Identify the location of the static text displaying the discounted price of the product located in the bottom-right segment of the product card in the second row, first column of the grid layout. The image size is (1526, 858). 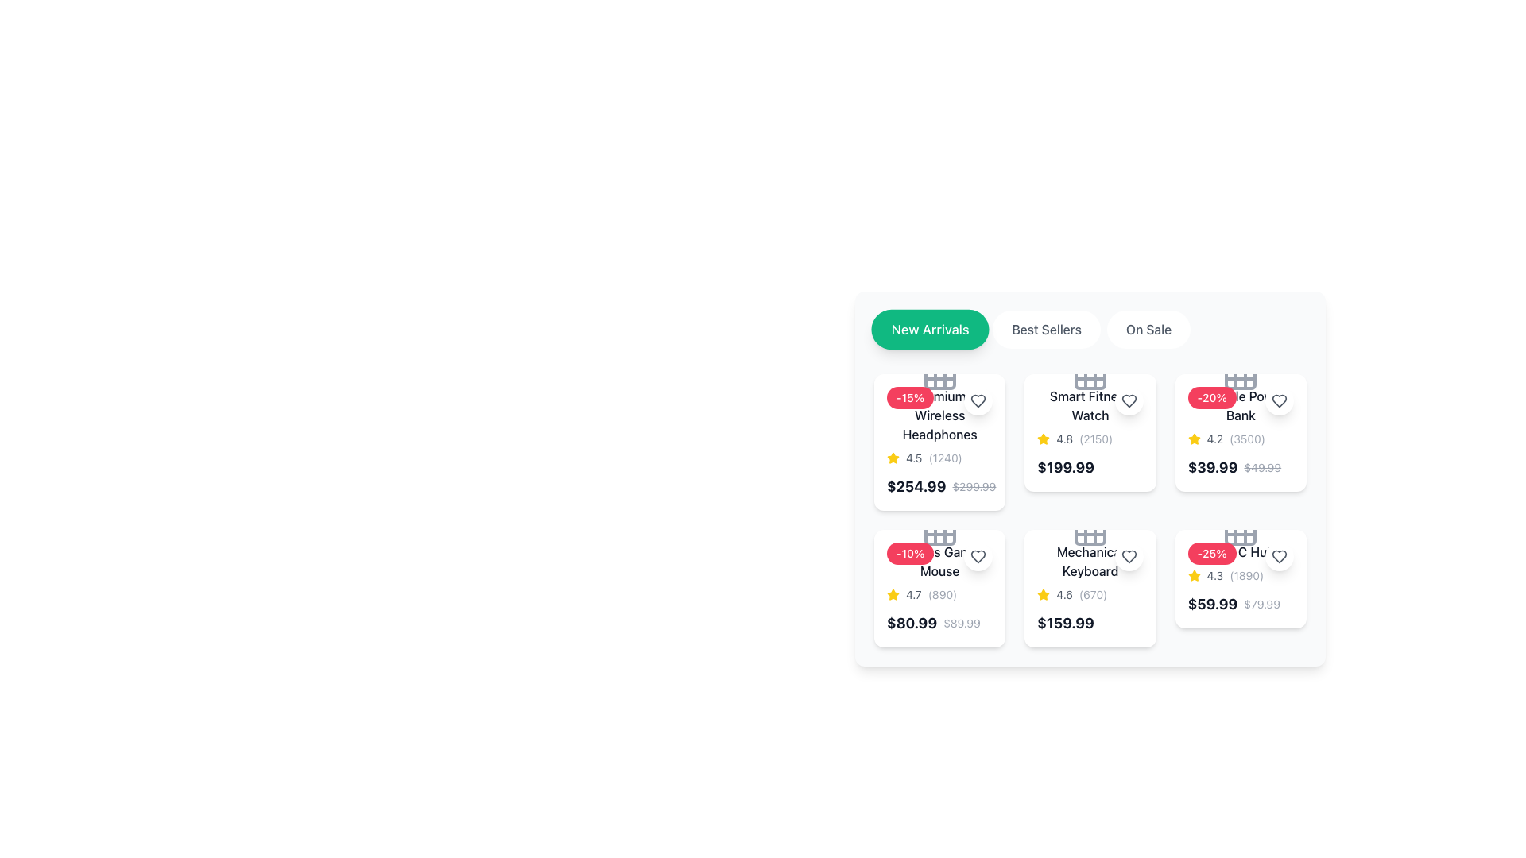
(912, 623).